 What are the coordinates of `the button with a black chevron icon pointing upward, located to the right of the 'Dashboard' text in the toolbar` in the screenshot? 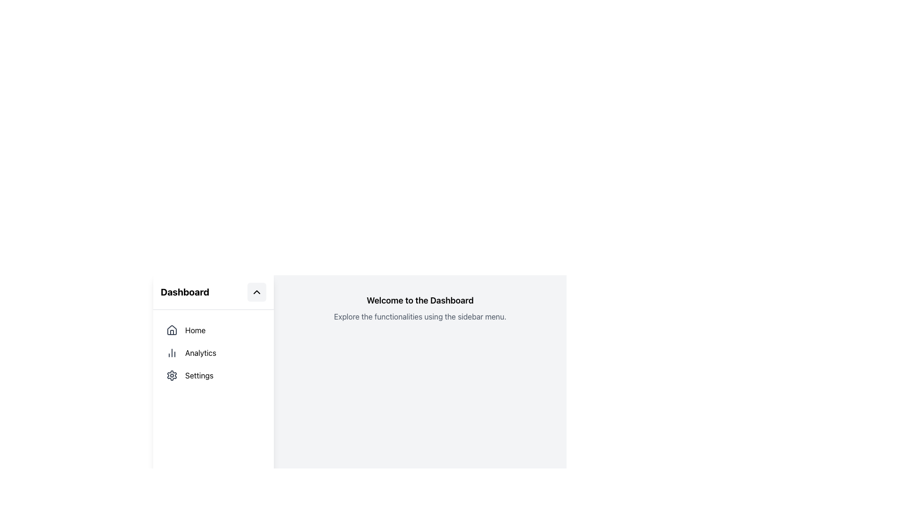 It's located at (257, 292).